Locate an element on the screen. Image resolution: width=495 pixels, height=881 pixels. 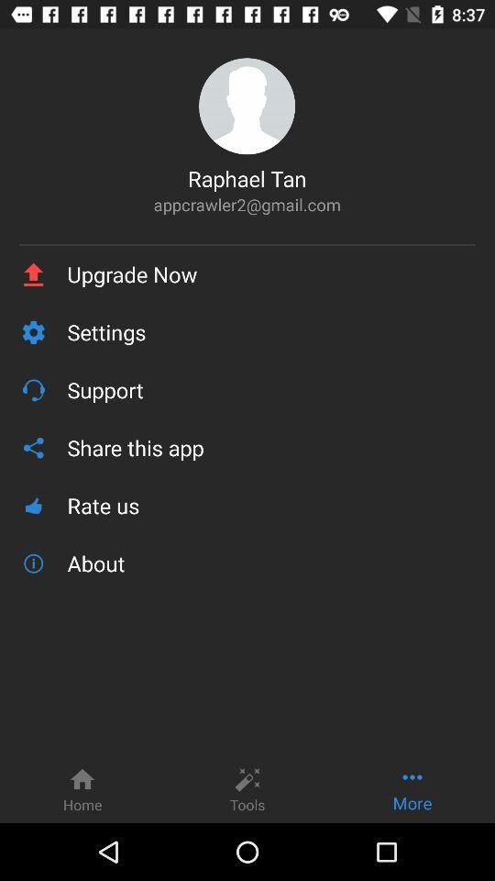
the upgrade now item is located at coordinates (270, 273).